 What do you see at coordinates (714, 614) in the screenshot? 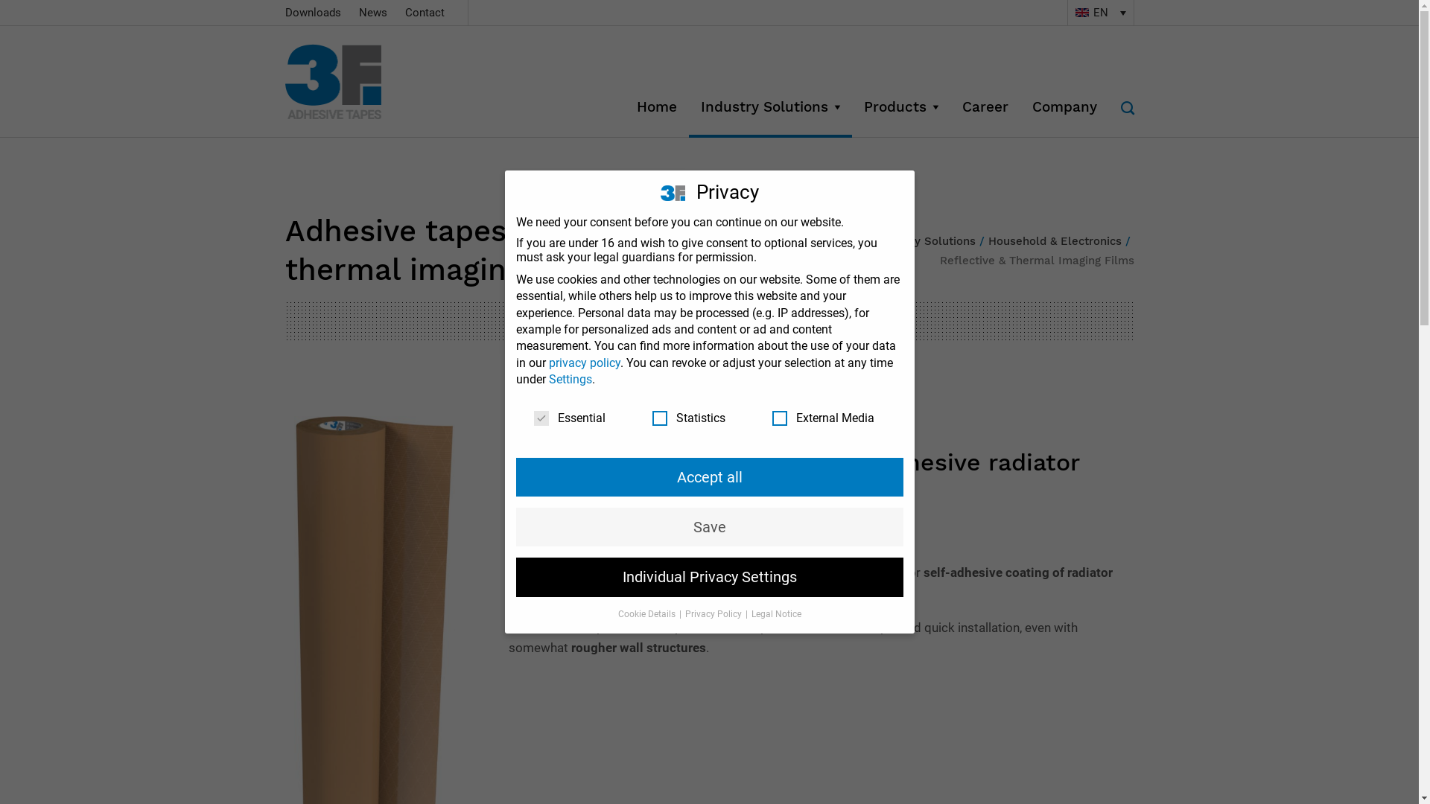
I see `'Privacy Policy'` at bounding box center [714, 614].